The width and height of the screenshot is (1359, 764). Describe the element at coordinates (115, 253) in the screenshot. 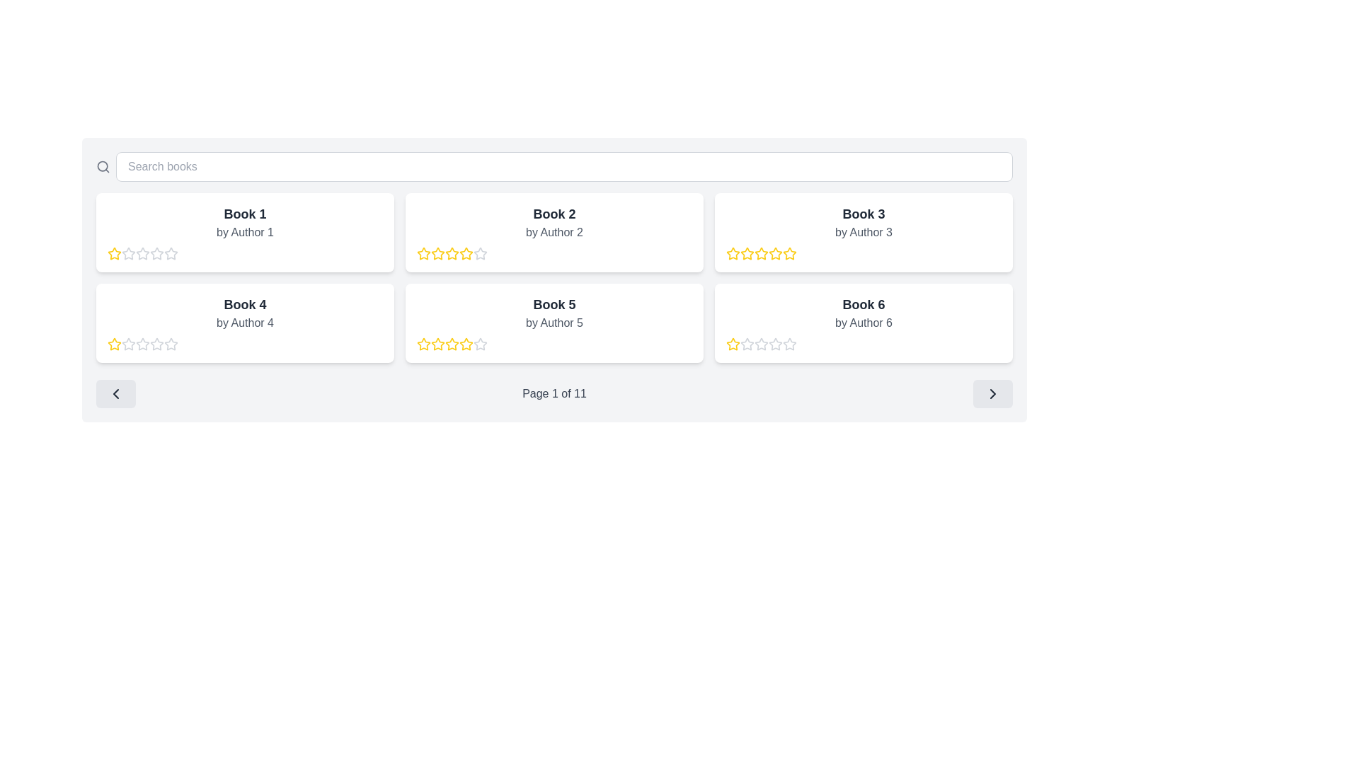

I see `the first star in the rating system under the card for 'Book 1' to rate it` at that location.